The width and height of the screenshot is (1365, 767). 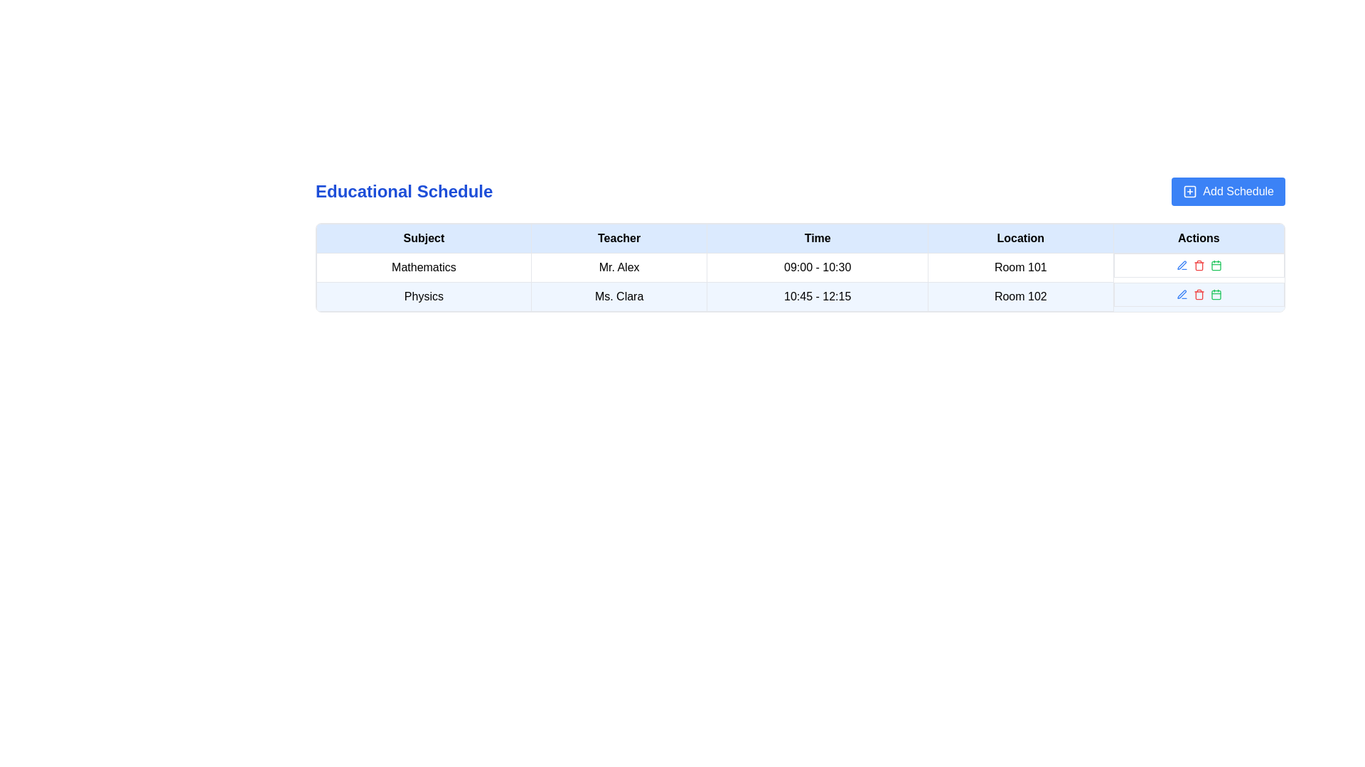 I want to click on the Text Label indicating the teacher's name for the 'Mathematics' course in the first row of the table, so click(x=619, y=268).